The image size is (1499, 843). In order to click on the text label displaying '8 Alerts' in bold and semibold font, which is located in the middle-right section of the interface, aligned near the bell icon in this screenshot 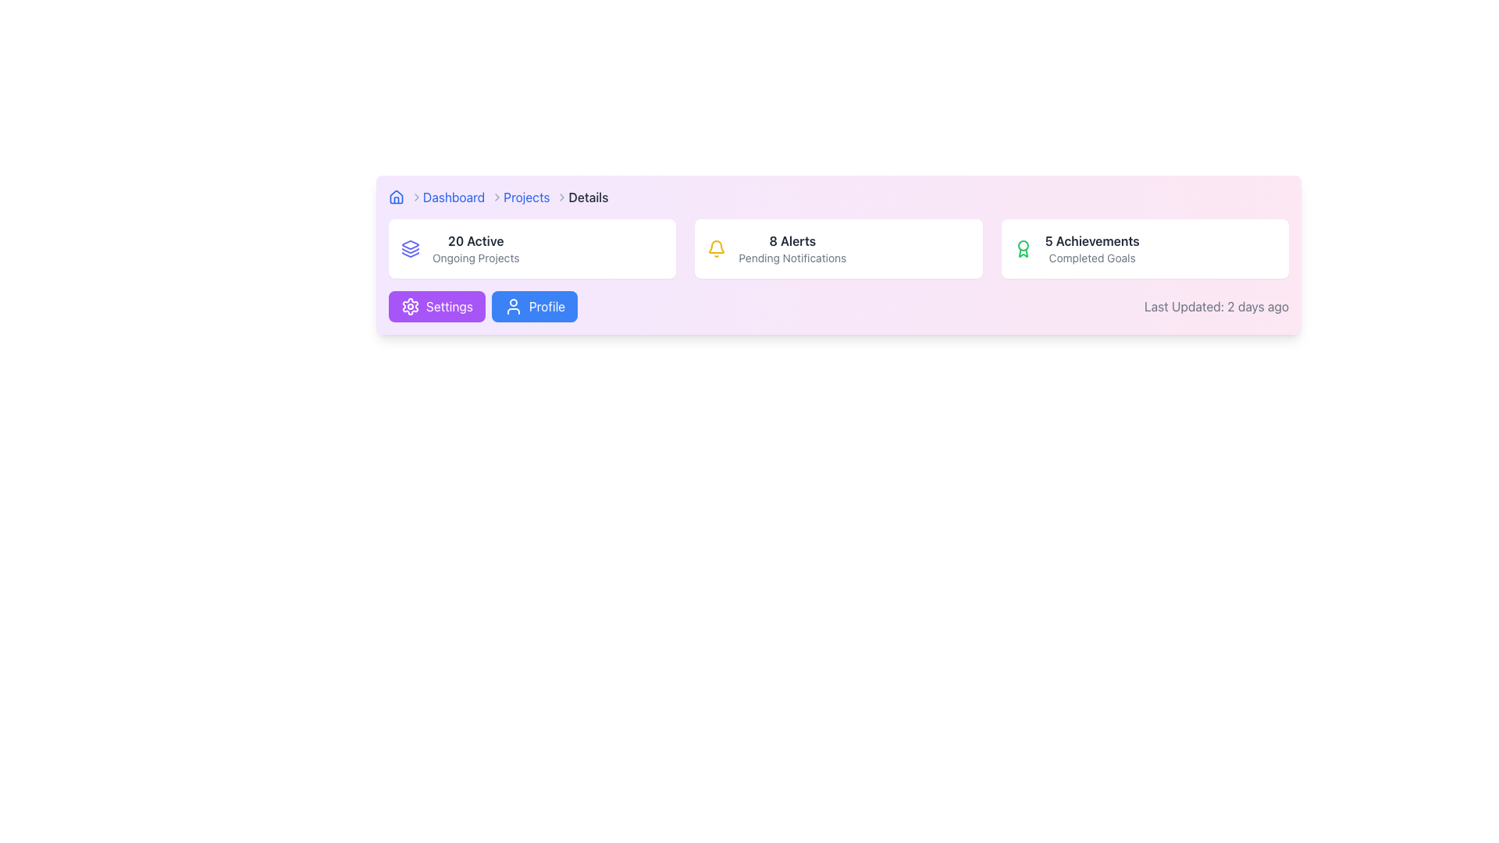, I will do `click(792, 240)`.